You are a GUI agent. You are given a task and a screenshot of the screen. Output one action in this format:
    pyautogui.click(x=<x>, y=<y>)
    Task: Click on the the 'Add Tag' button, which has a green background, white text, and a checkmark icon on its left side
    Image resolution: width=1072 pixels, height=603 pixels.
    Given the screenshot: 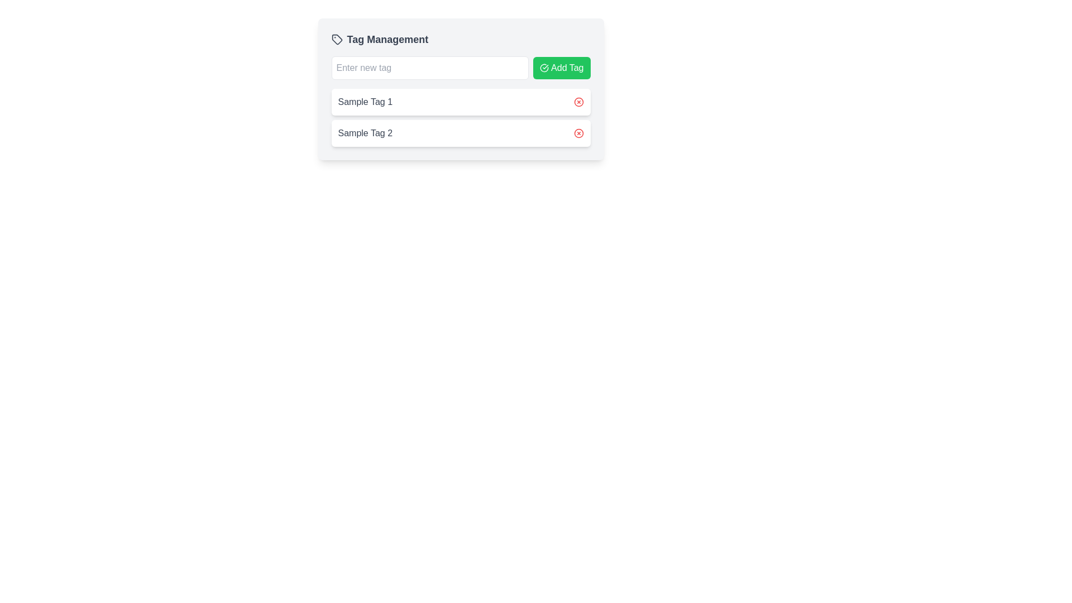 What is the action you would take?
    pyautogui.click(x=562, y=68)
    